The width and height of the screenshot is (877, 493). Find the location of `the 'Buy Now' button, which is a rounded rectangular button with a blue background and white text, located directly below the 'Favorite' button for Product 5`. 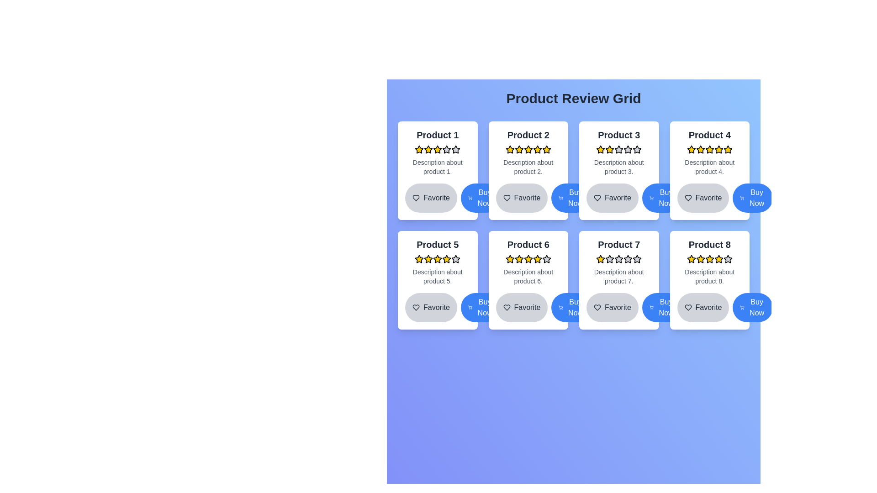

the 'Buy Now' button, which is a rounded rectangular button with a blue background and white text, located directly below the 'Favorite' button for Product 5 is located at coordinates (480, 308).